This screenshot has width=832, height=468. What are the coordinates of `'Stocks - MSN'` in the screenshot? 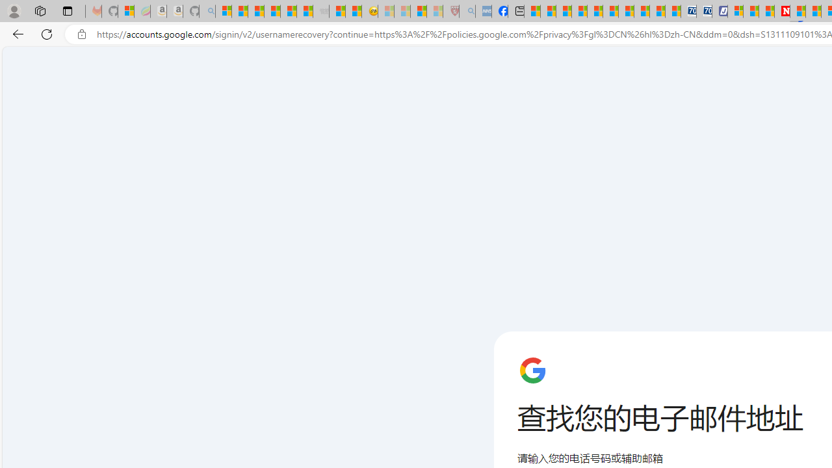 It's located at (304, 11).